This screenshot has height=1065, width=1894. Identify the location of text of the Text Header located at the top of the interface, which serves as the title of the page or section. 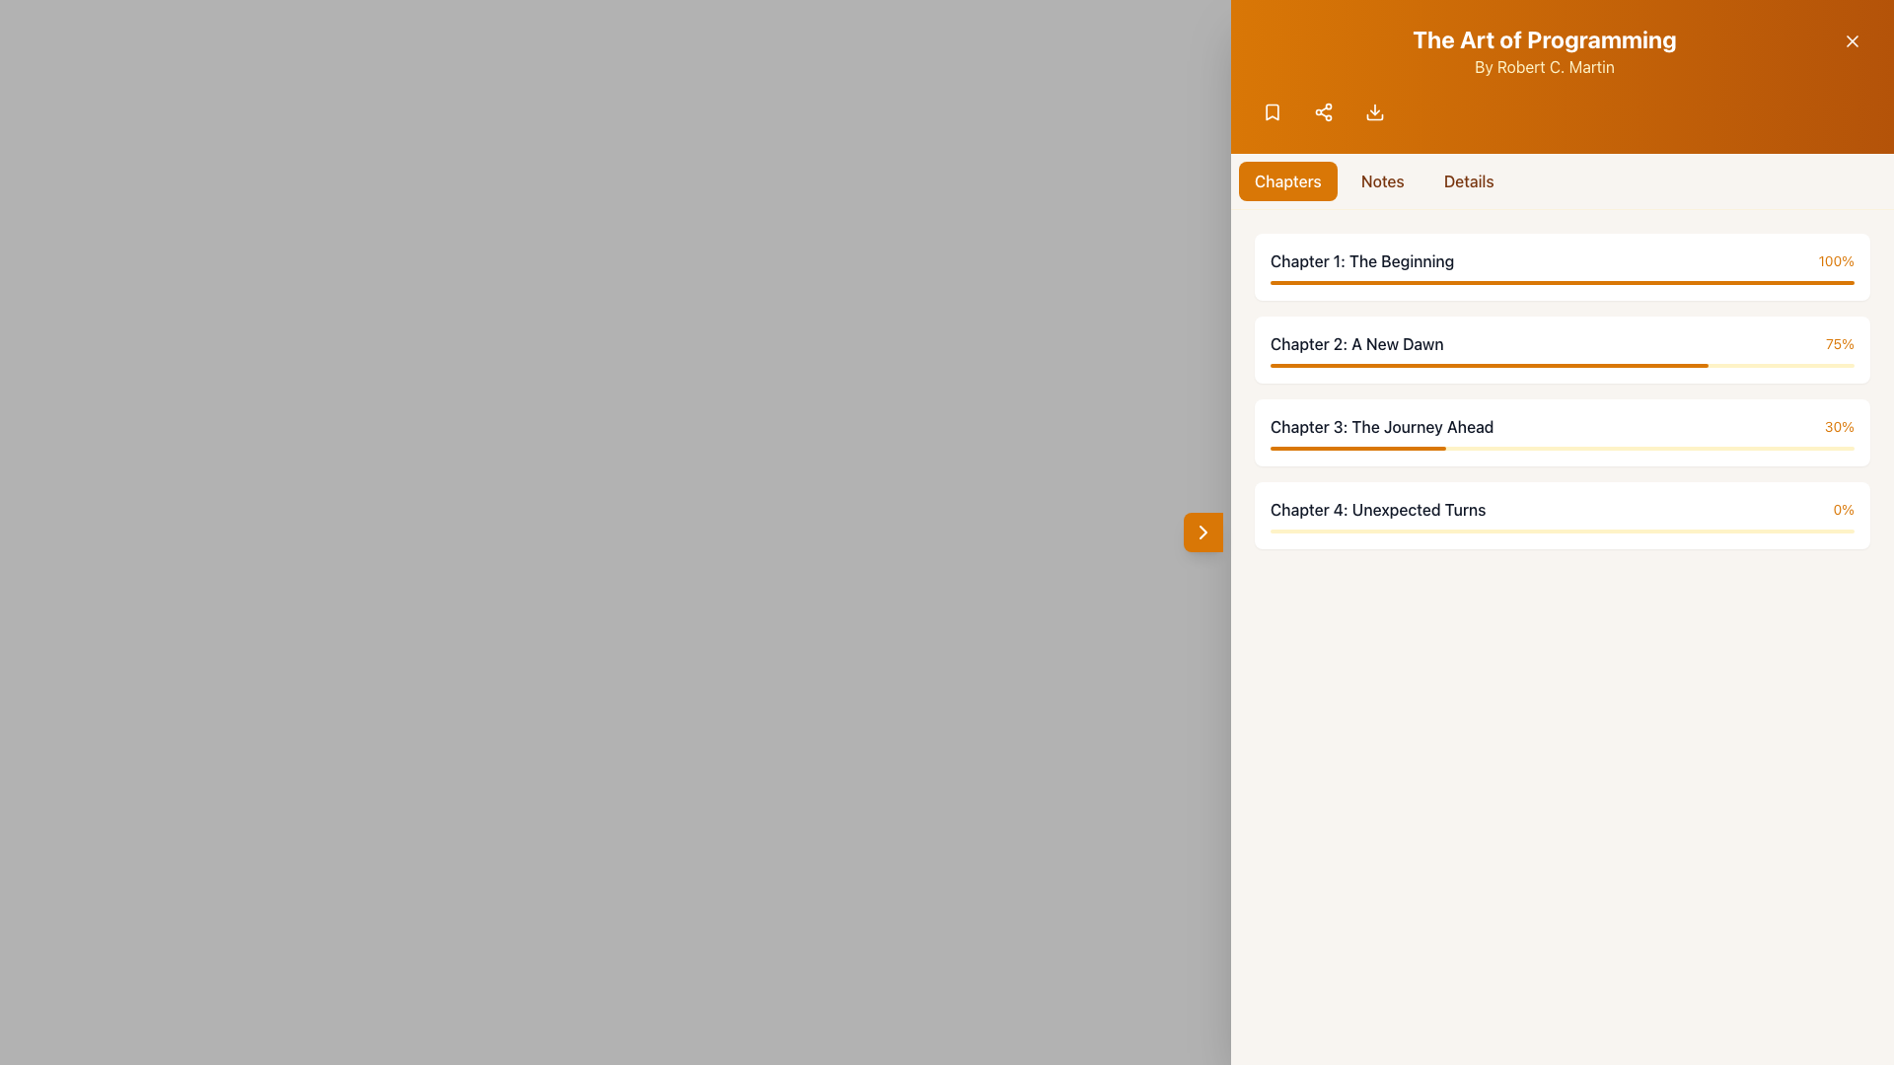
(1543, 38).